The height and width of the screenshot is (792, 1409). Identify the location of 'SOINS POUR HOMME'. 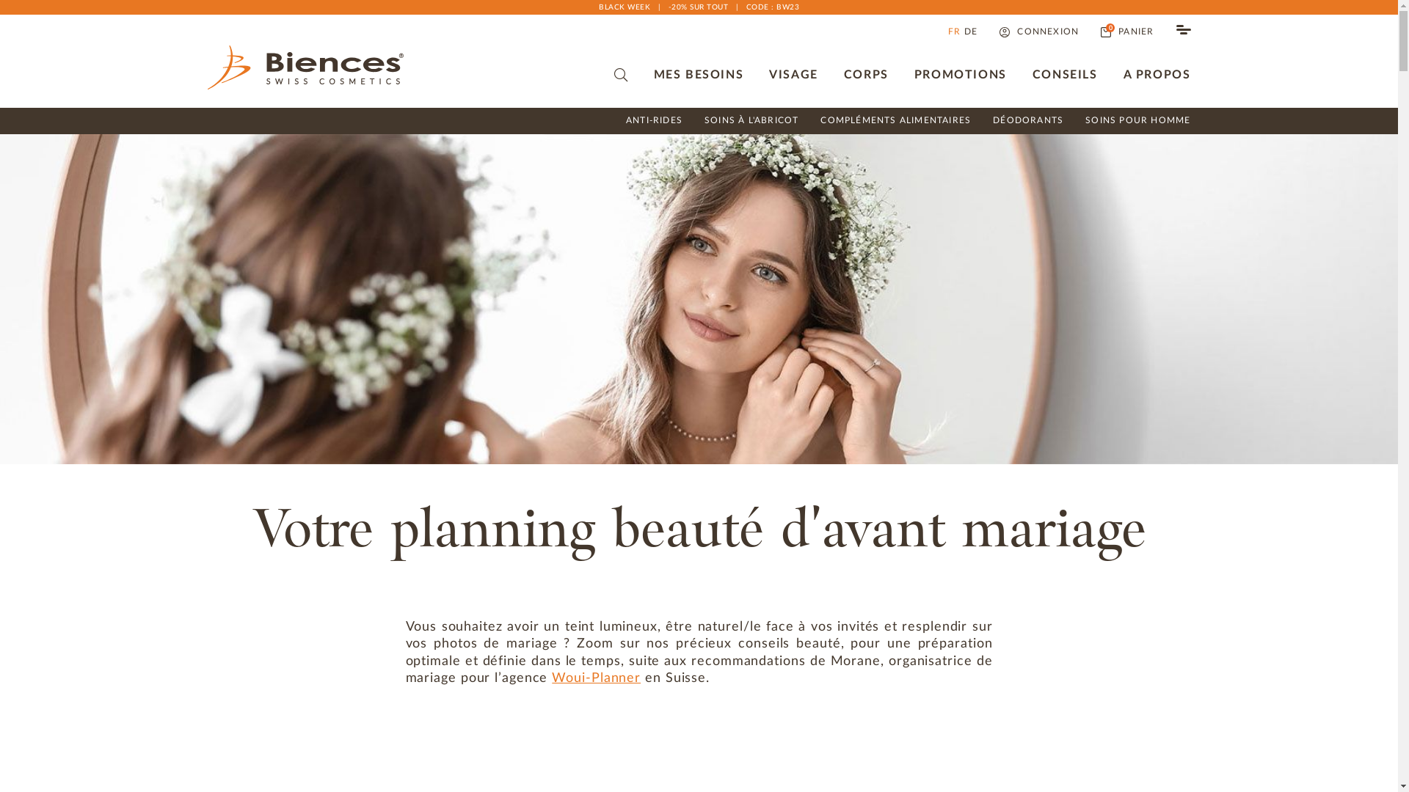
(1137, 120).